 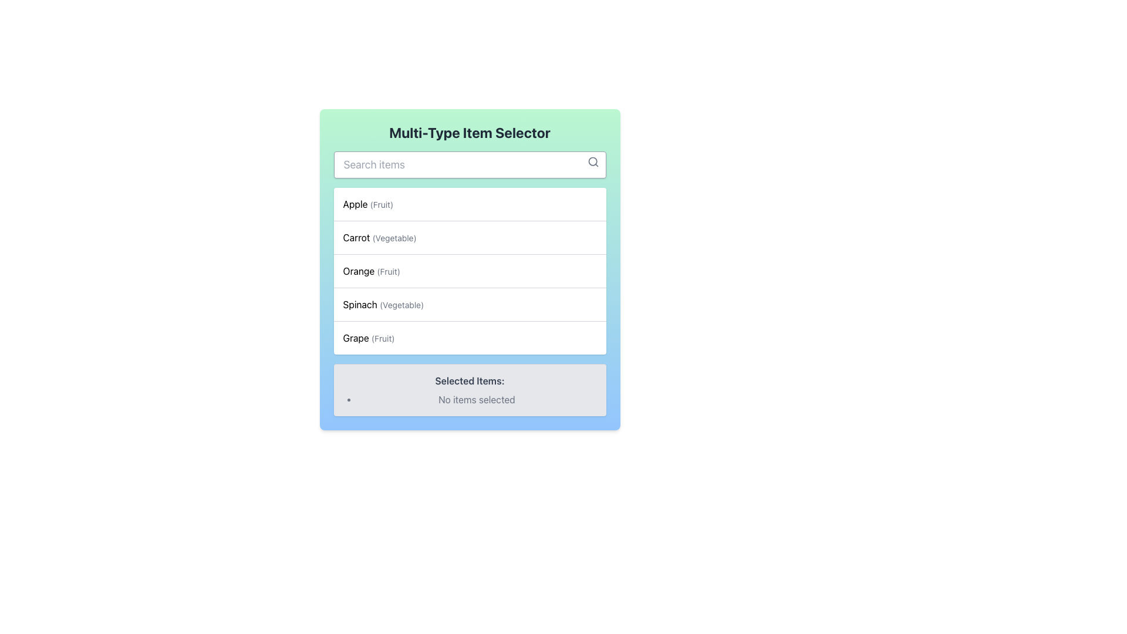 What do you see at coordinates (382, 204) in the screenshot?
I see `the gray text label '(Fruit)' located to the right of 'Apple' in the 'Multi-Type Item Selector' list` at bounding box center [382, 204].